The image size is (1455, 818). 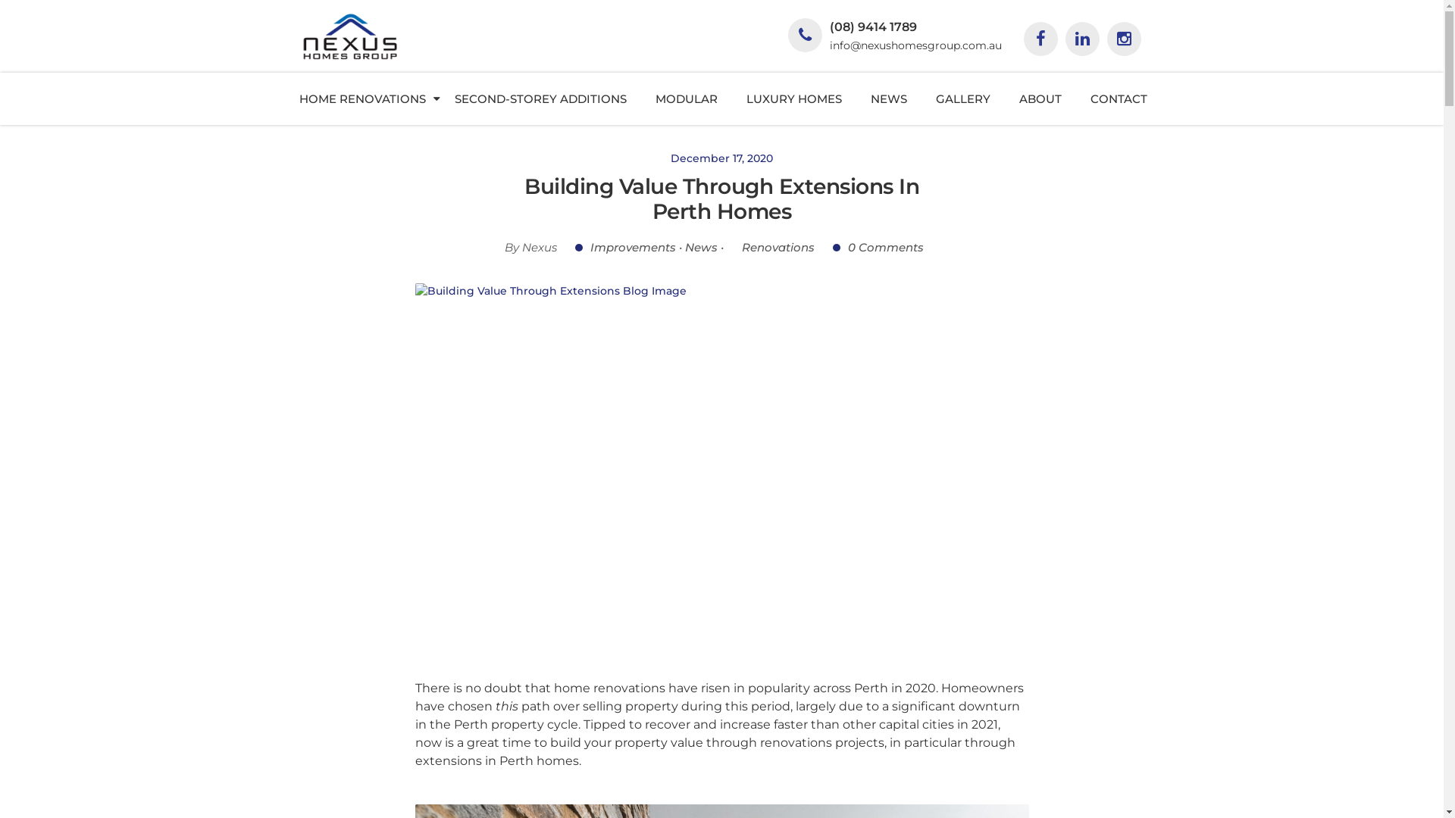 What do you see at coordinates (540, 98) in the screenshot?
I see `'SECOND-STOREY ADDITIONS'` at bounding box center [540, 98].